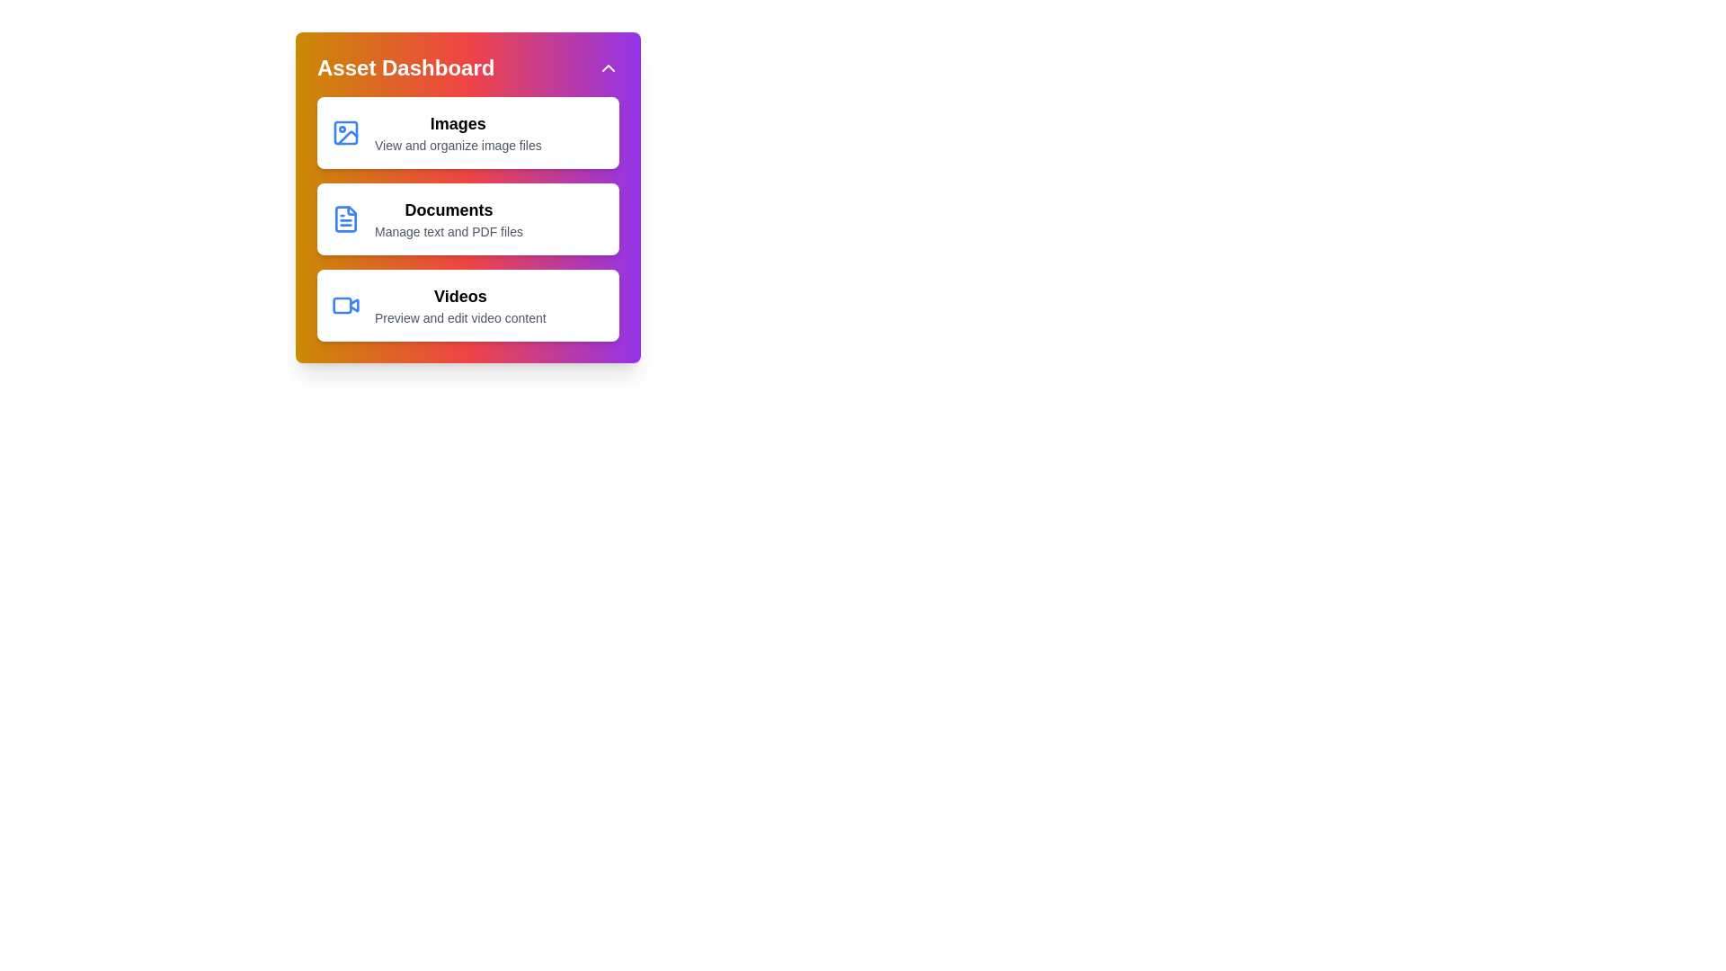 This screenshot has height=971, width=1726. I want to click on the chevron button to toggle the dashboard visibility, so click(608, 67).